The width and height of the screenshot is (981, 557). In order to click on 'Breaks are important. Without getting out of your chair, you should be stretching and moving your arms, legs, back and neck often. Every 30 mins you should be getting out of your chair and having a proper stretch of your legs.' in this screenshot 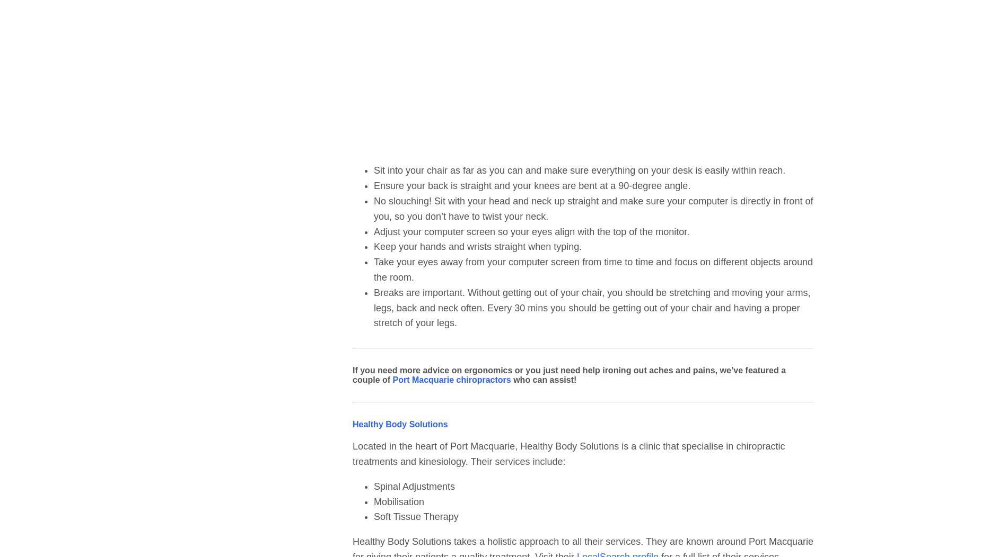, I will do `click(373, 307)`.